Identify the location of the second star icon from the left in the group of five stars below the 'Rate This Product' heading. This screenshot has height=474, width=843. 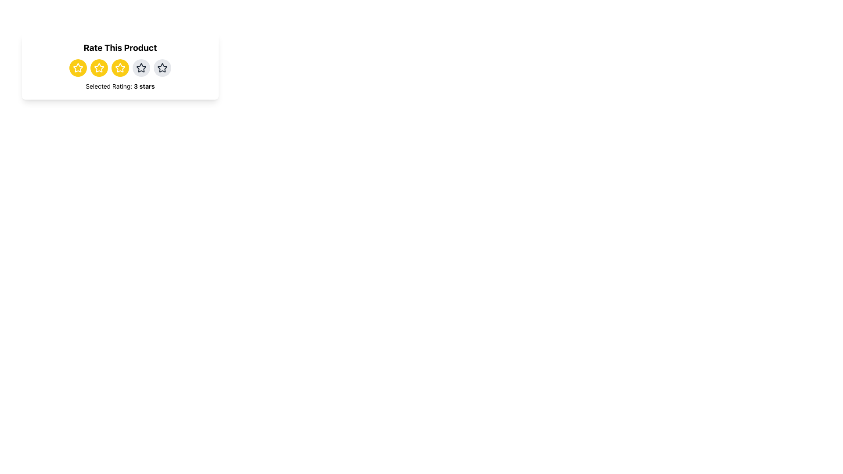
(99, 67).